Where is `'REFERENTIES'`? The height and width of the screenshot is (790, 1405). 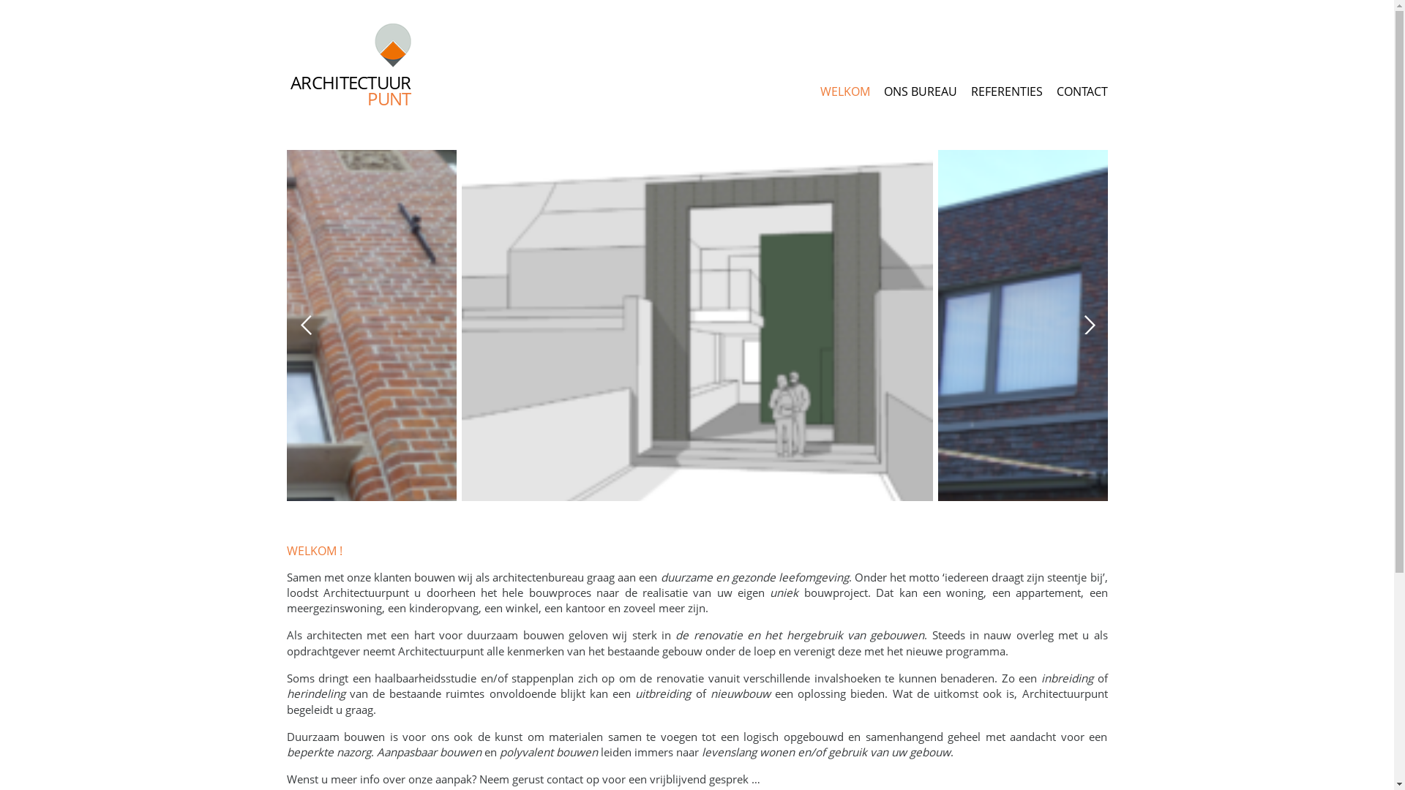 'REFERENTIES' is located at coordinates (1005, 94).